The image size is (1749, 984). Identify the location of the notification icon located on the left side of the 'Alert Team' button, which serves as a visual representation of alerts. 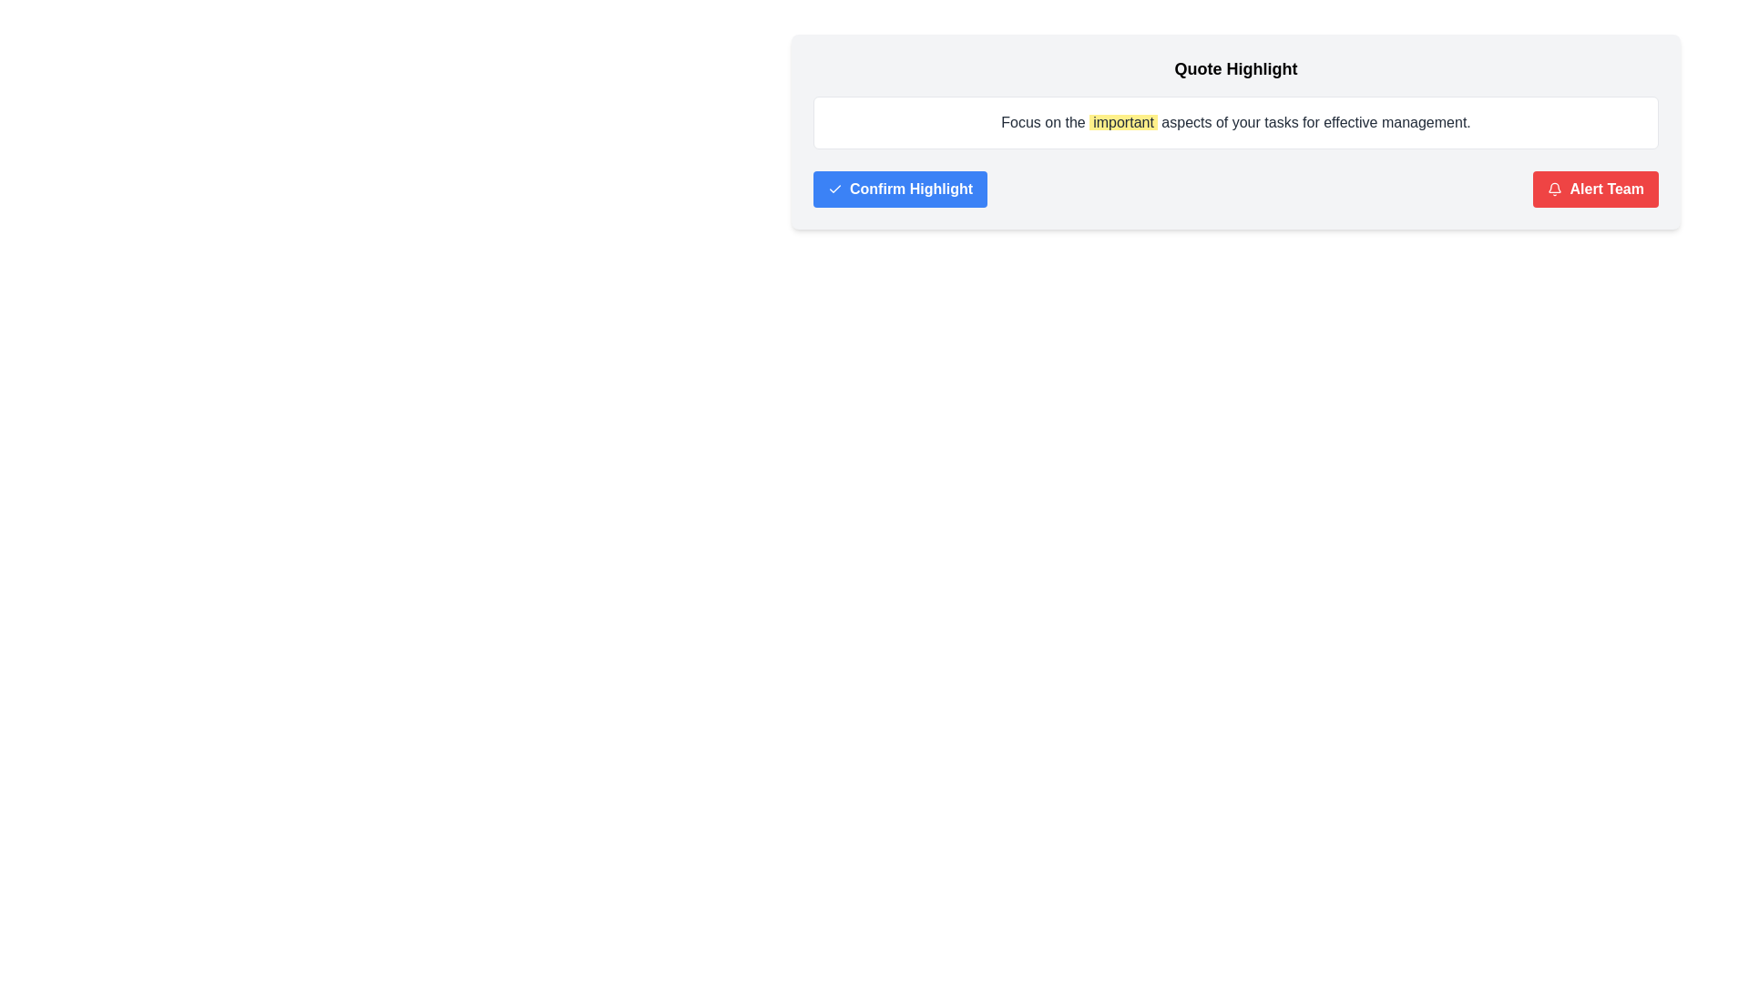
(1554, 190).